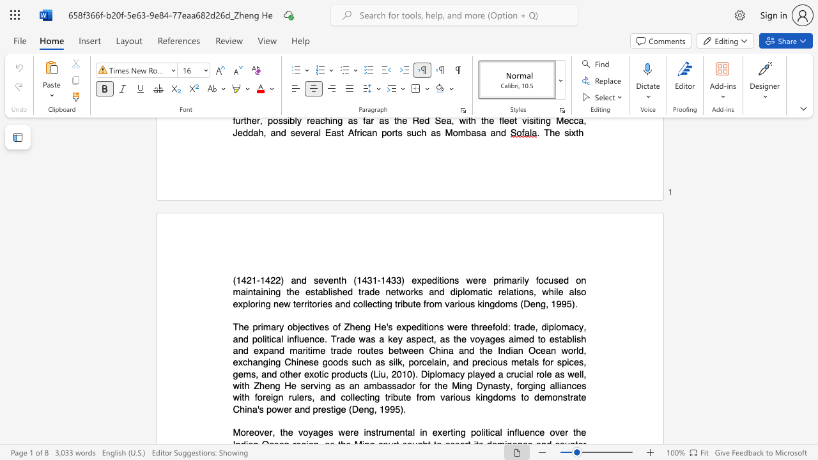 Image resolution: width=818 pixels, height=460 pixels. What do you see at coordinates (433, 338) in the screenshot?
I see `the subset text ", as the voyages aimed" within the text "of Zheng He"` at bounding box center [433, 338].